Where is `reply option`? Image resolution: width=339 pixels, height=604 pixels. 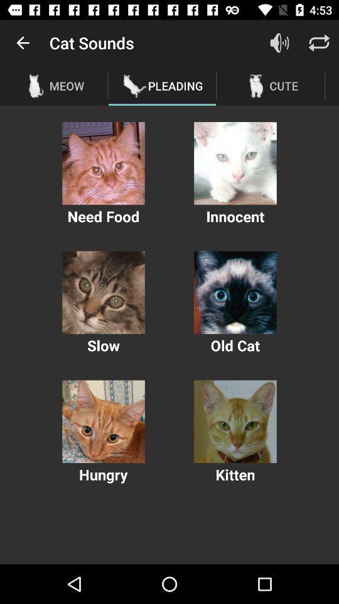 reply option is located at coordinates (319, 43).